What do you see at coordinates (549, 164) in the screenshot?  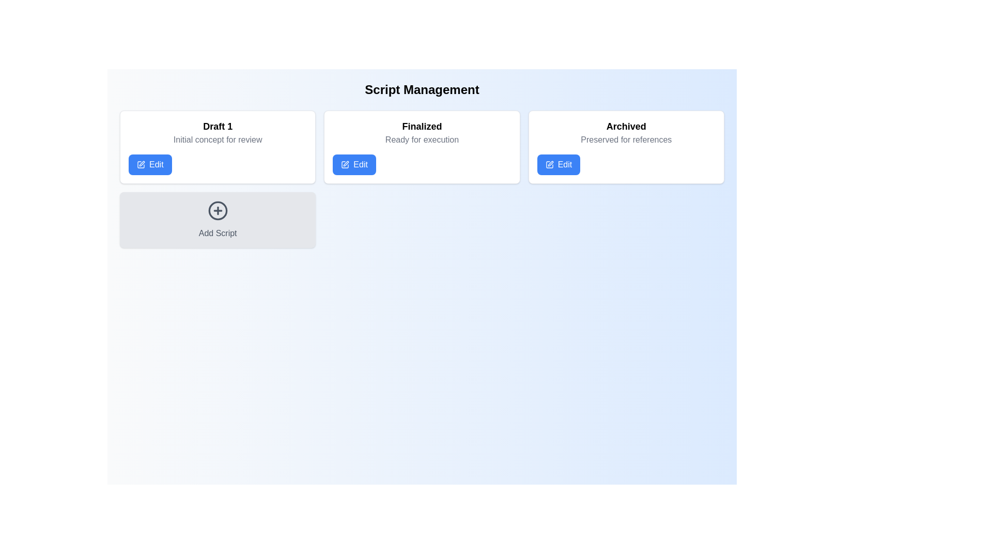 I see `the icon resembling a pen or pencil inside a blue button labeled 'Edit' to initiate the edit action` at bounding box center [549, 164].